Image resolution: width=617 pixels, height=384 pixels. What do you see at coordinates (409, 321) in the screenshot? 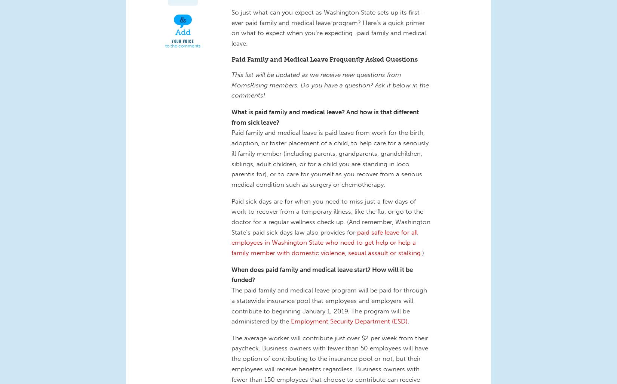
I see `'.'` at bounding box center [409, 321].